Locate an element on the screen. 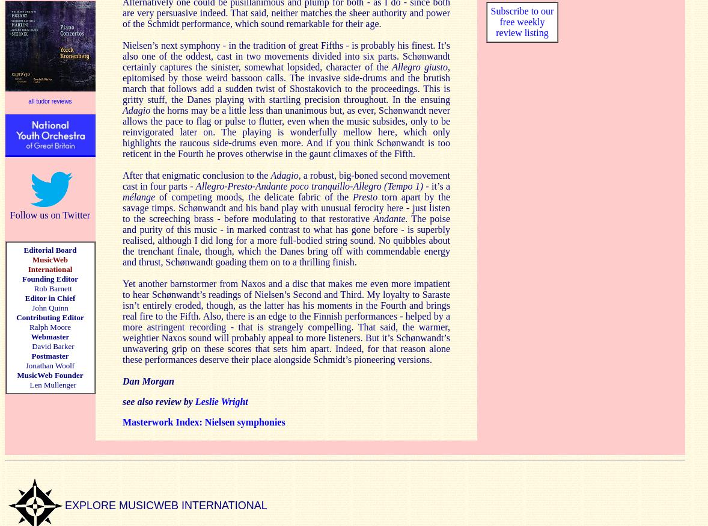 The width and height of the screenshot is (708, 526). 'Allegro giusto,' is located at coordinates (391, 66).